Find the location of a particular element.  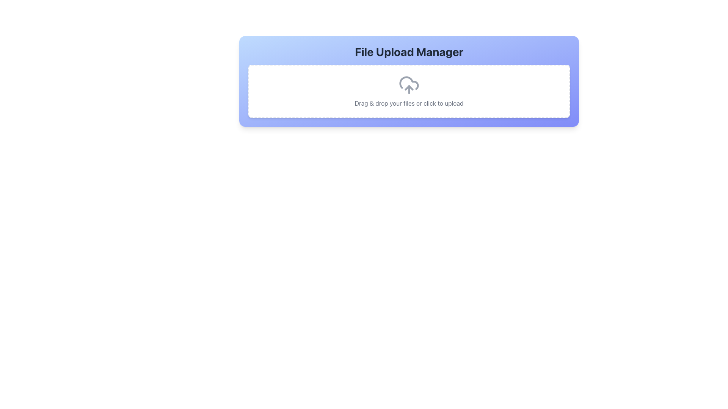

the text block that serves as the title or heading of the file upload manager area, which is located at the top center of the panel is located at coordinates (409, 52).